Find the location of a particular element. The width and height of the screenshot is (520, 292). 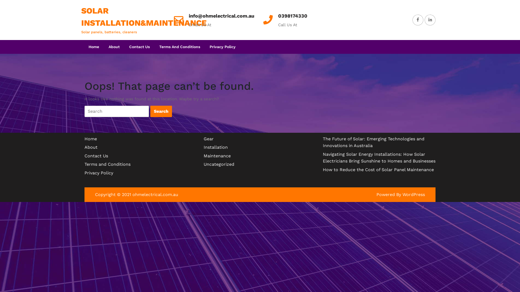

'Linkedin' is located at coordinates (430, 19).